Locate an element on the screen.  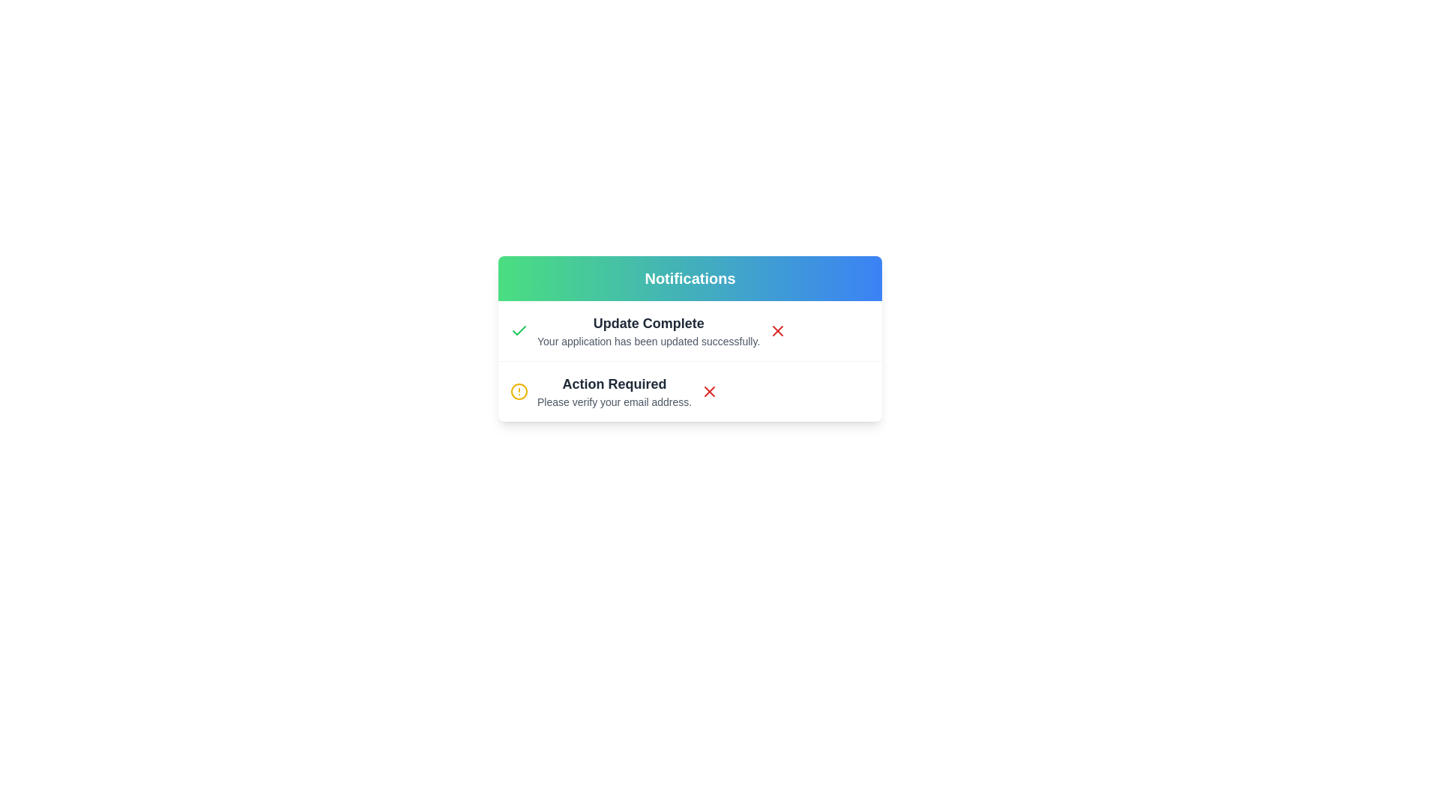
and understand the message displayed in the notification item that informs the user to verify their email address, located in the second row of the notification panel is located at coordinates (690, 390).